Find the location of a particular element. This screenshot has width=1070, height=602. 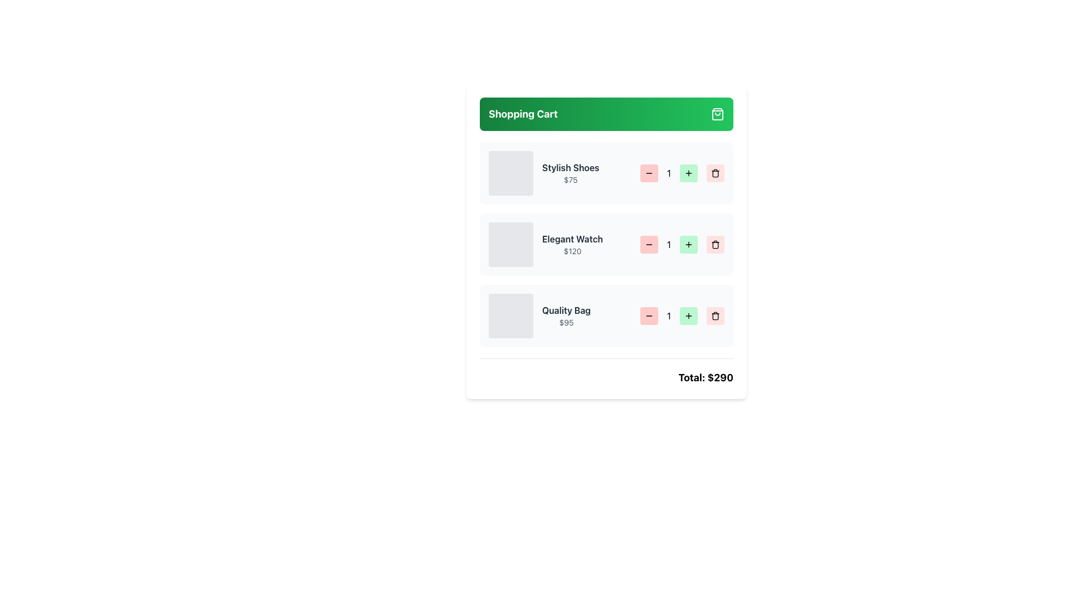

the delete button for the 'Stylish Shoes' item in the shopping cart to change its background color to a deeper red is located at coordinates (715, 173).